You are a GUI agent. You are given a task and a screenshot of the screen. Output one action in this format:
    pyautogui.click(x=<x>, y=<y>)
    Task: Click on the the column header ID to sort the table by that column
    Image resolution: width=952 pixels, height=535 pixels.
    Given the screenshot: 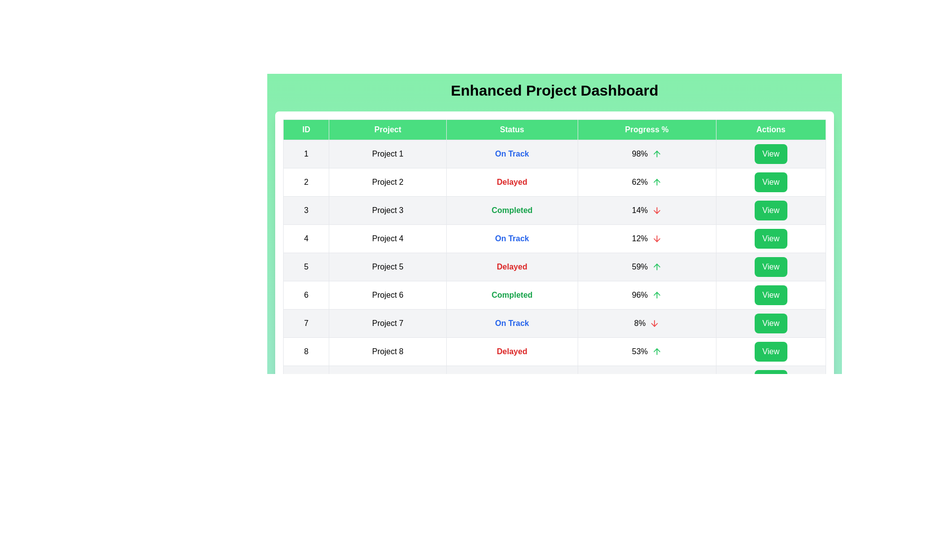 What is the action you would take?
    pyautogui.click(x=305, y=129)
    